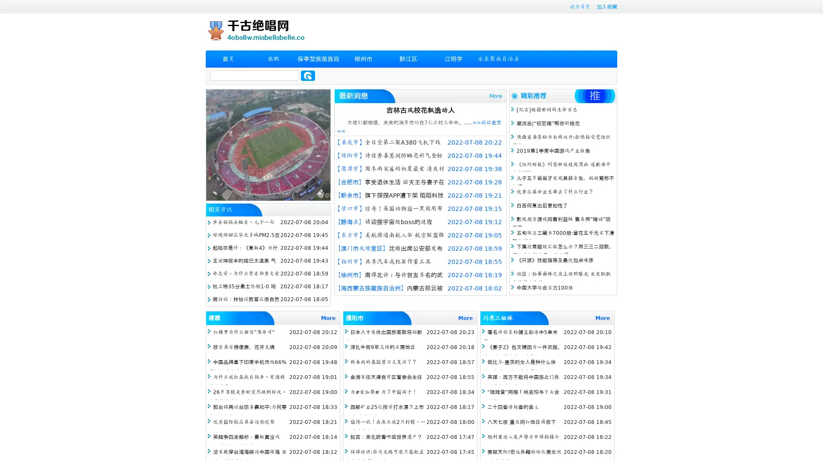  Describe the element at coordinates (308, 75) in the screenshot. I see `Search` at that location.